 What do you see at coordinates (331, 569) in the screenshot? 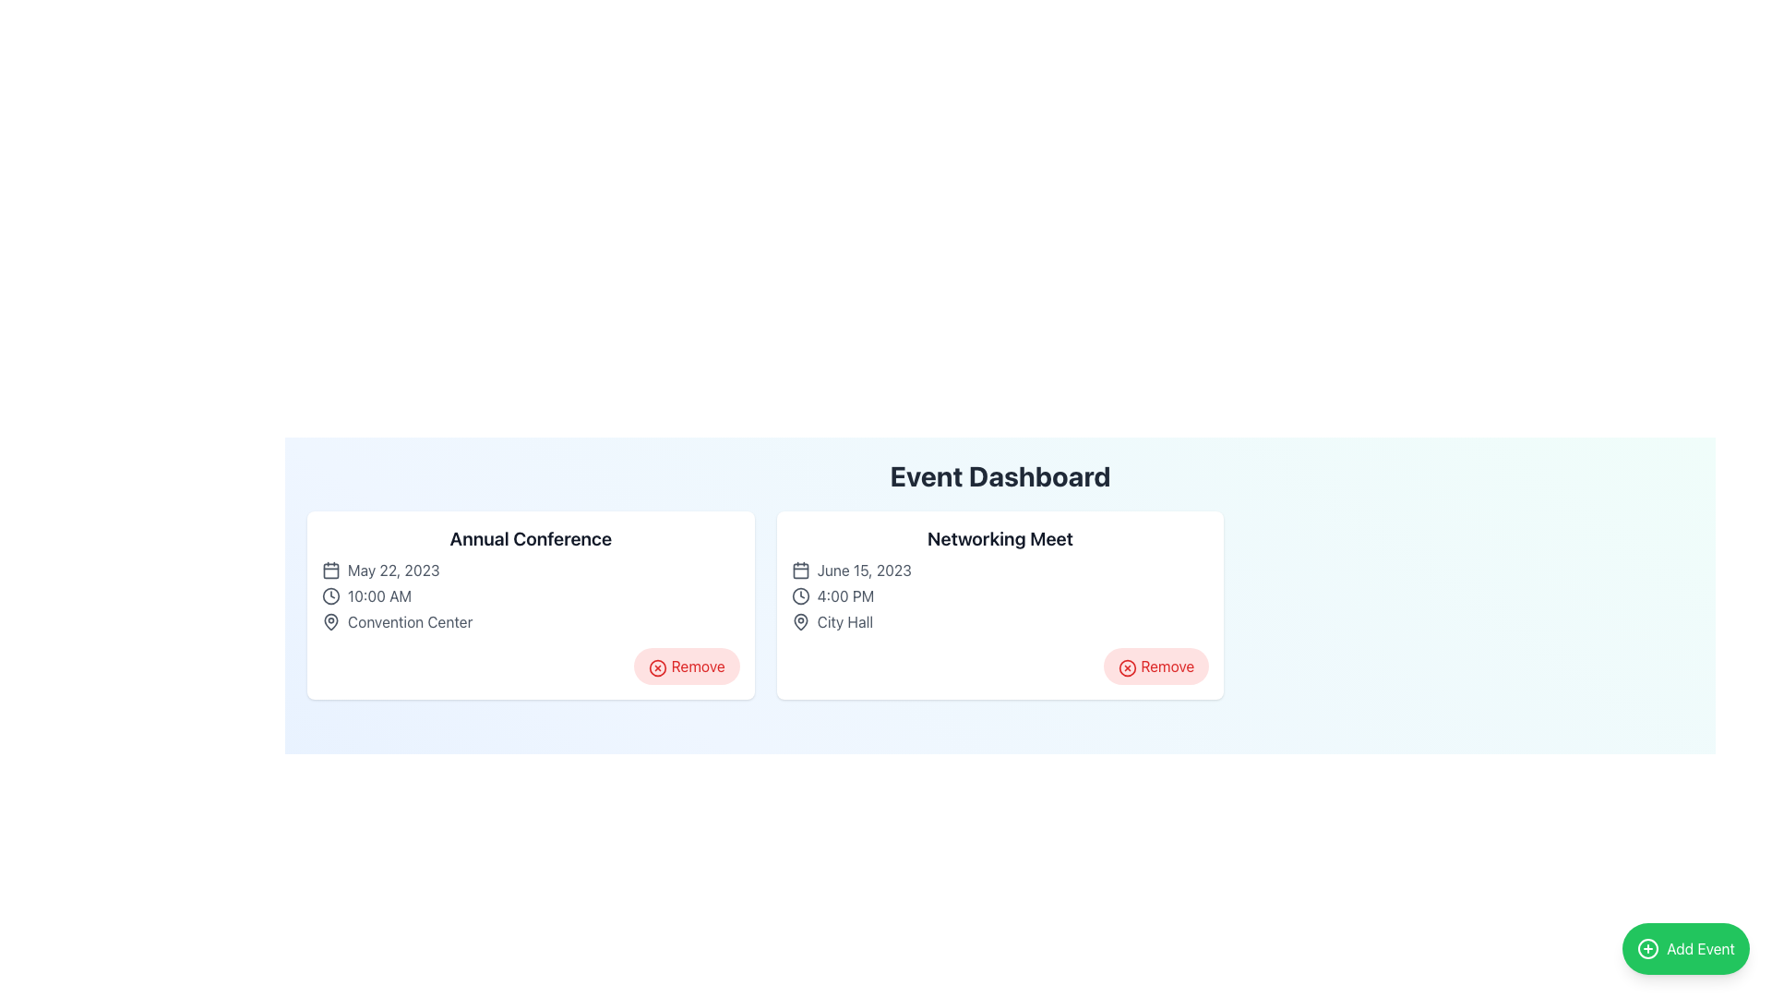
I see `the vector graphic component (rectangle with rounded corners) that visually represents the calendar icon, located to the left of the date information in the 'Annual Conference' card` at bounding box center [331, 569].